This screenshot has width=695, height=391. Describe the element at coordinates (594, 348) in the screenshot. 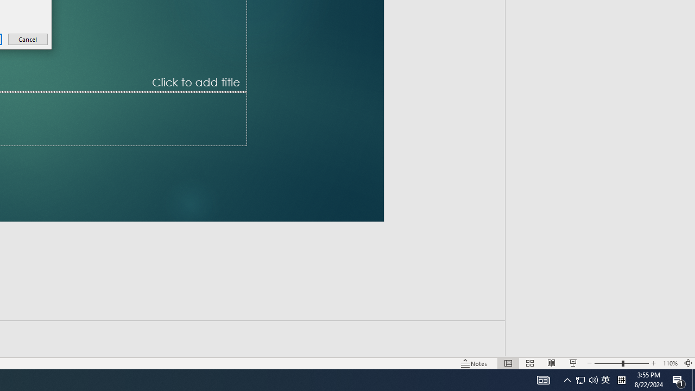

I see `'Zoom Out'` at that location.